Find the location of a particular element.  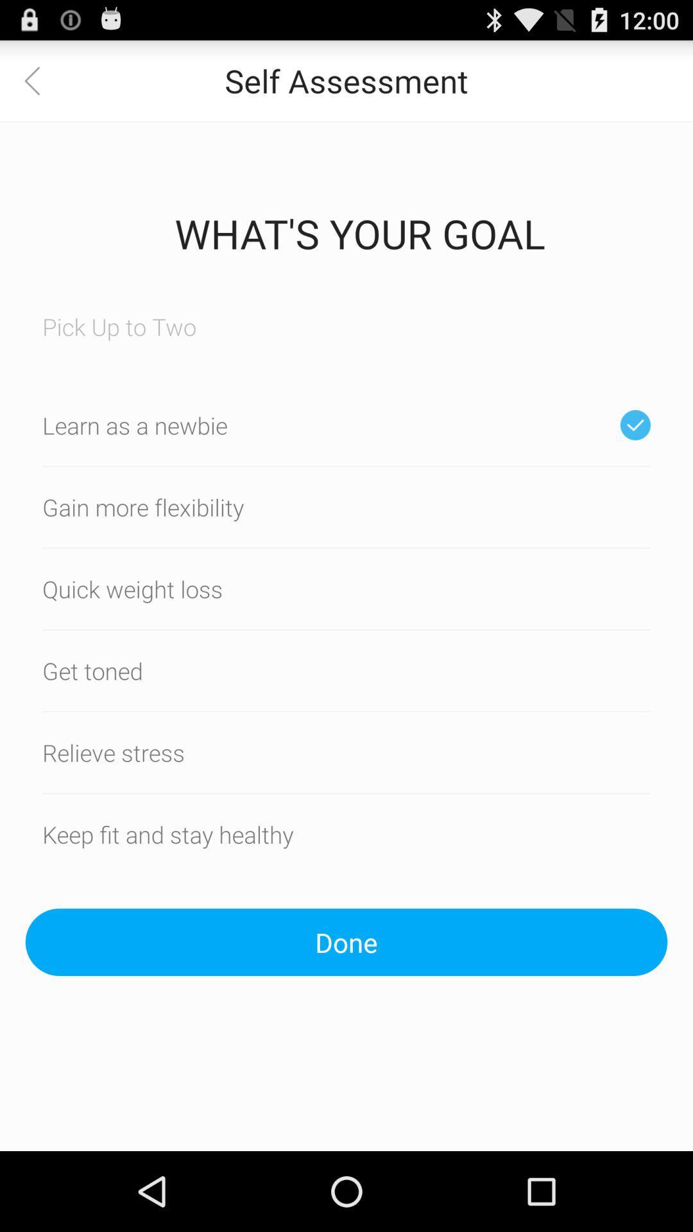

return to previous page is located at coordinates (39, 80).